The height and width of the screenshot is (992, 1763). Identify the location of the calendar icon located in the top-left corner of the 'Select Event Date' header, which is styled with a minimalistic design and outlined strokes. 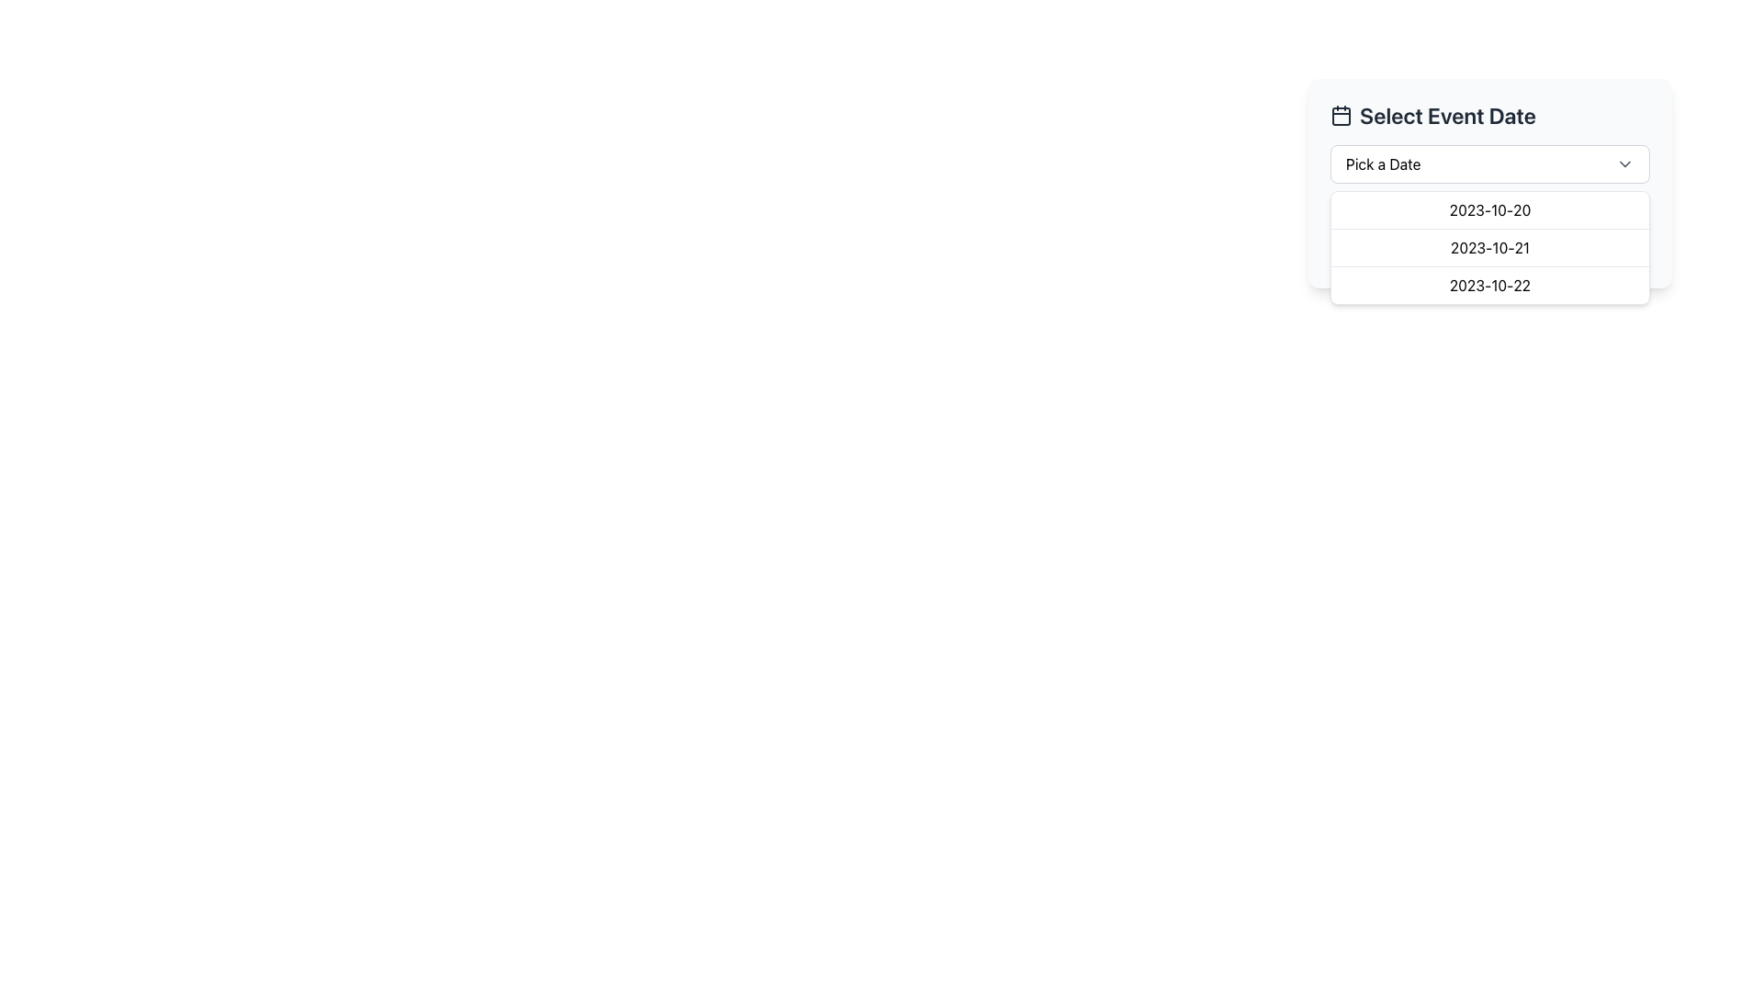
(1341, 116).